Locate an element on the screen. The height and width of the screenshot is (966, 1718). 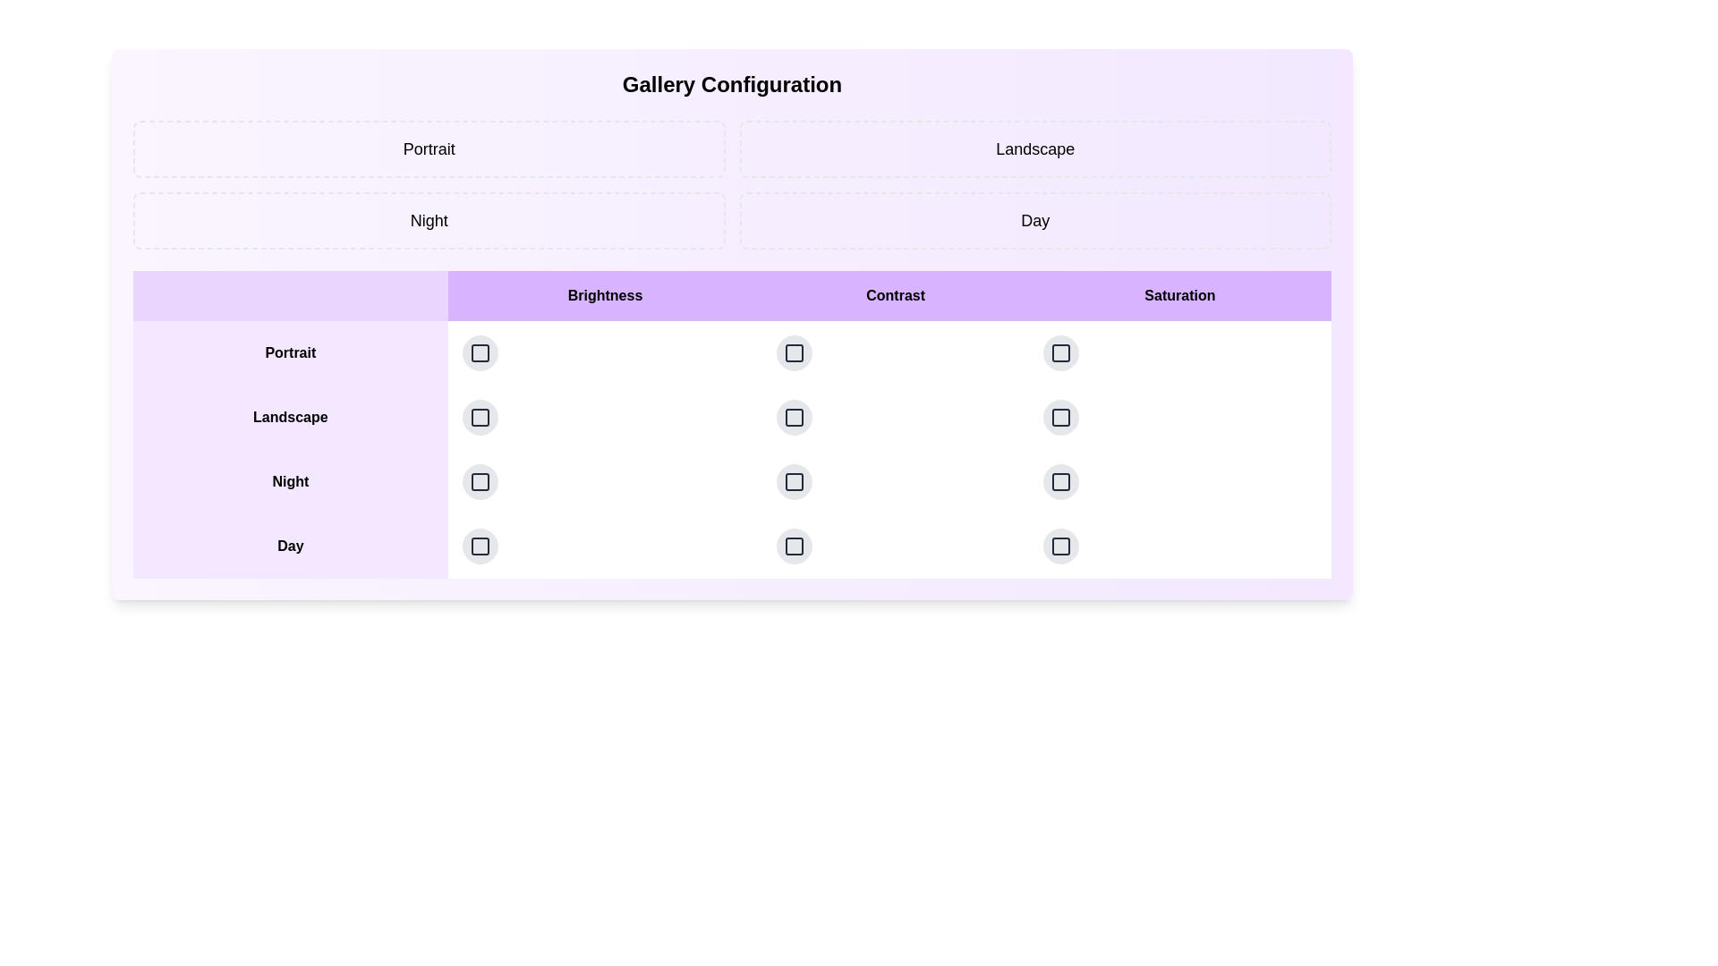
the Checkbox in the 'Portrait' row under the 'Contrast' column is located at coordinates (896, 352).